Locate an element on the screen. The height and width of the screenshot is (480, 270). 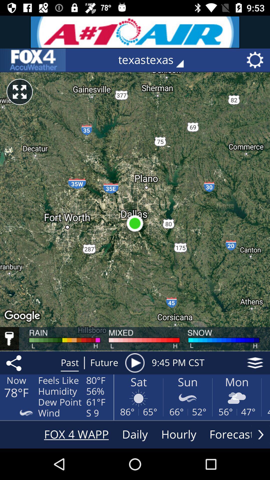
see more options is located at coordinates (260, 434).